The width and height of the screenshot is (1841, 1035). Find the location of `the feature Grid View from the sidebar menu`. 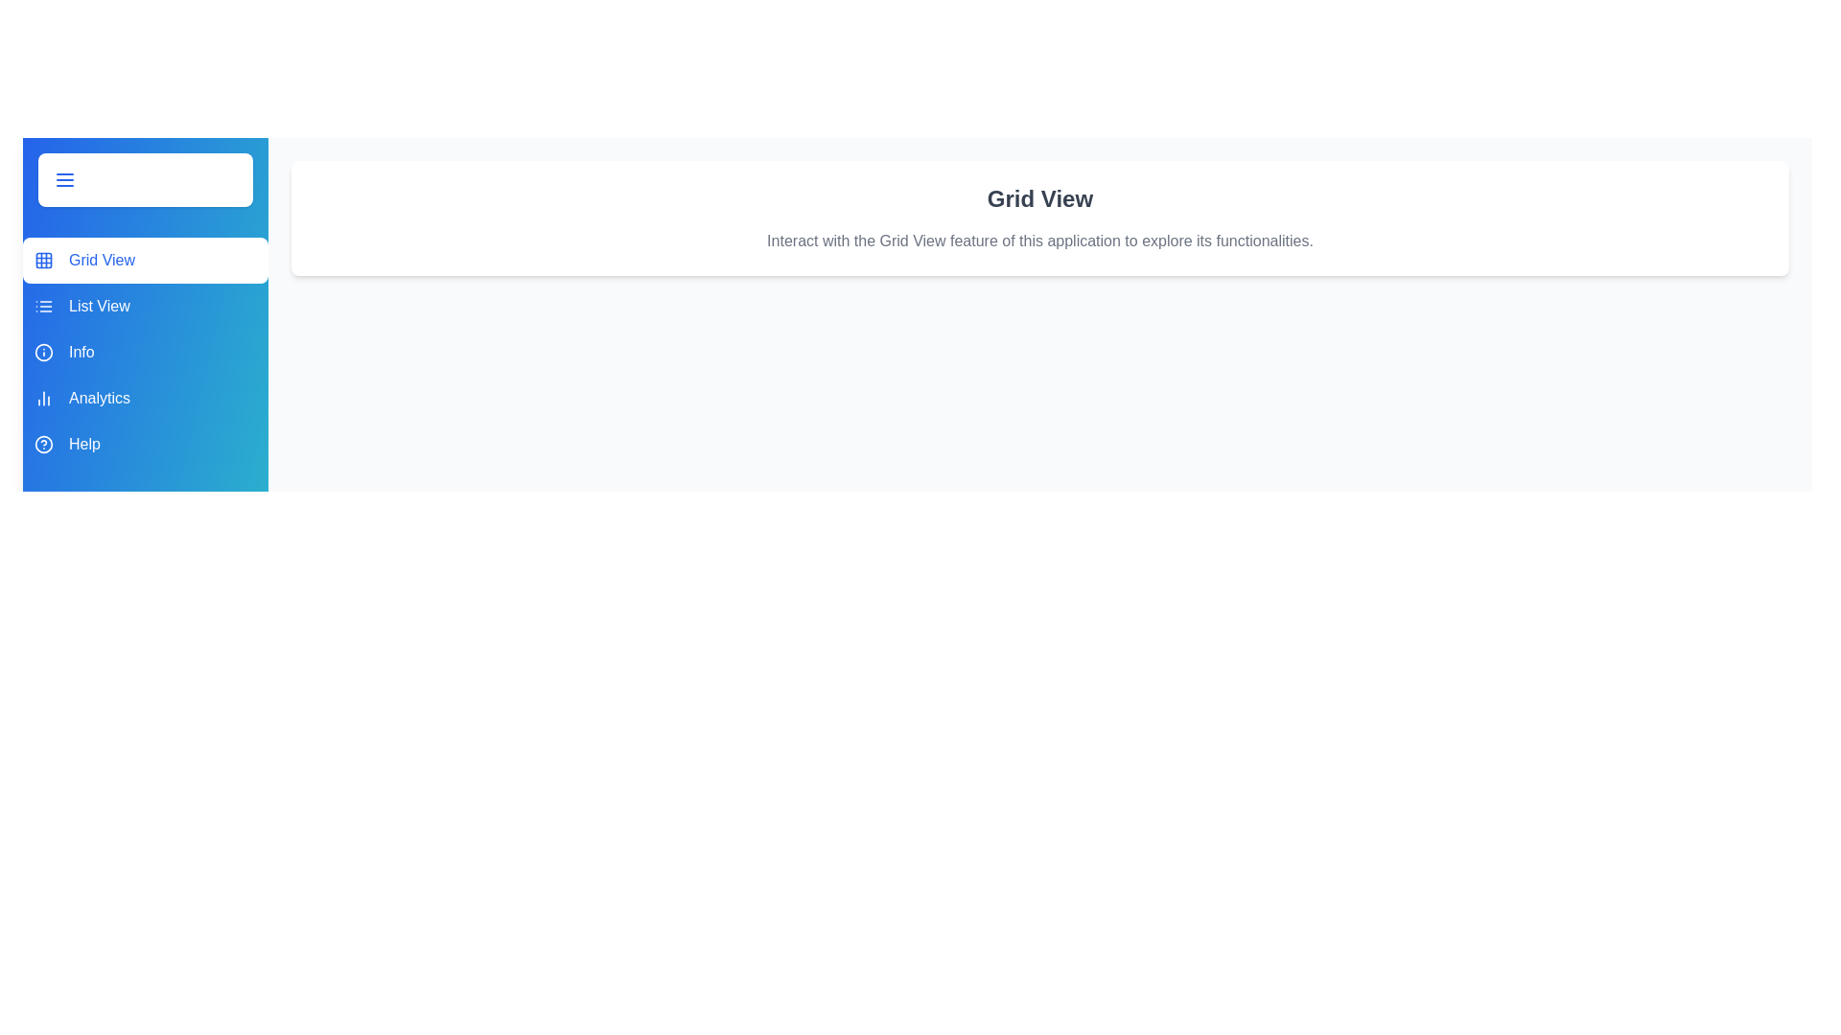

the feature Grid View from the sidebar menu is located at coordinates (145, 261).